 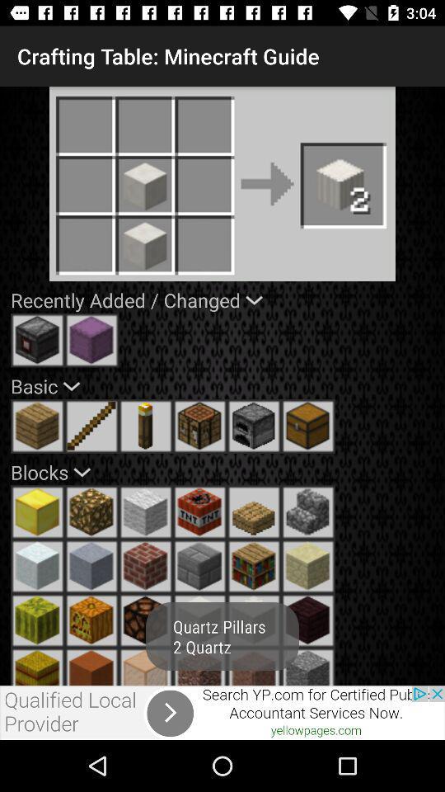 I want to click on share article, so click(x=222, y=712).